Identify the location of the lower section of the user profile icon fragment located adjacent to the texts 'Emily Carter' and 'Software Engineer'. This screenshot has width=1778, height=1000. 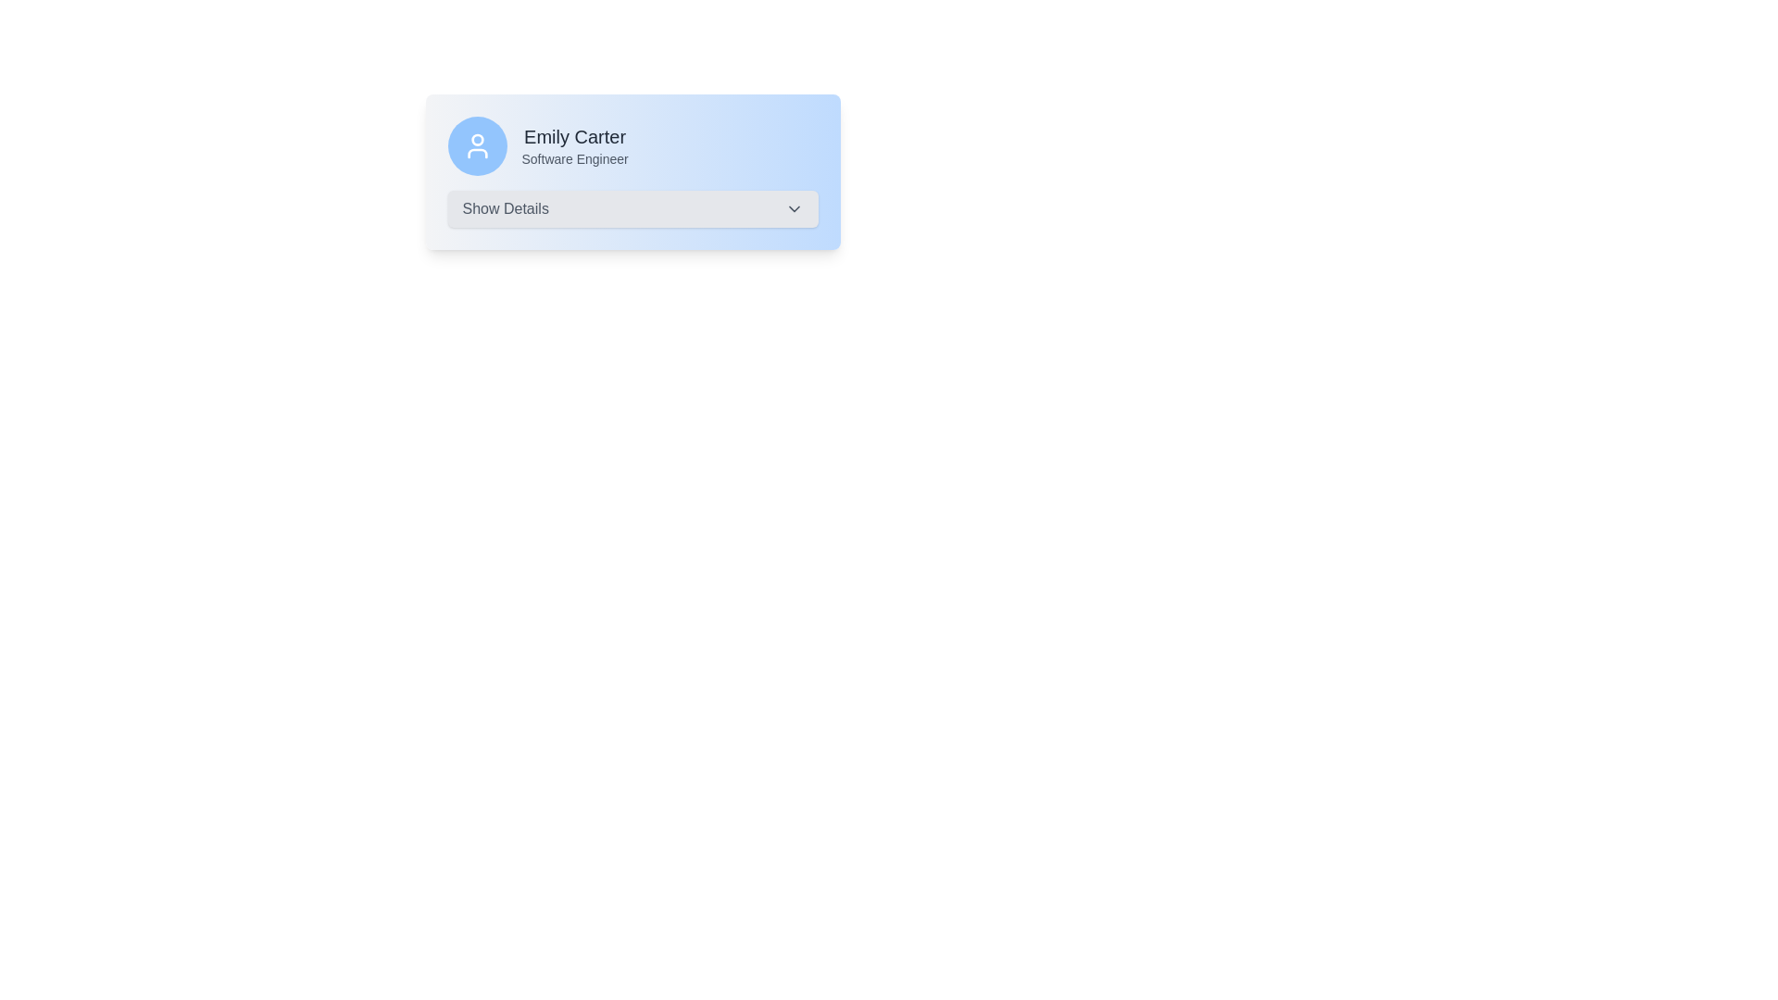
(477, 152).